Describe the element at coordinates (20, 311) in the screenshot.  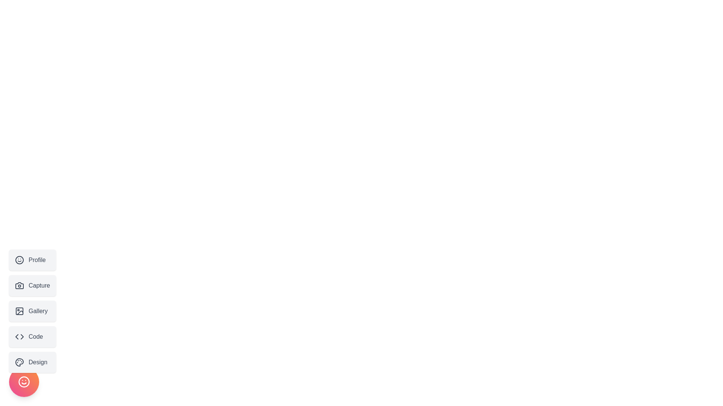
I see `the compact icon depicting a picture frame with a circle inside, which is positioned next to the label 'Gallery' in the vertical navigation menu` at that location.